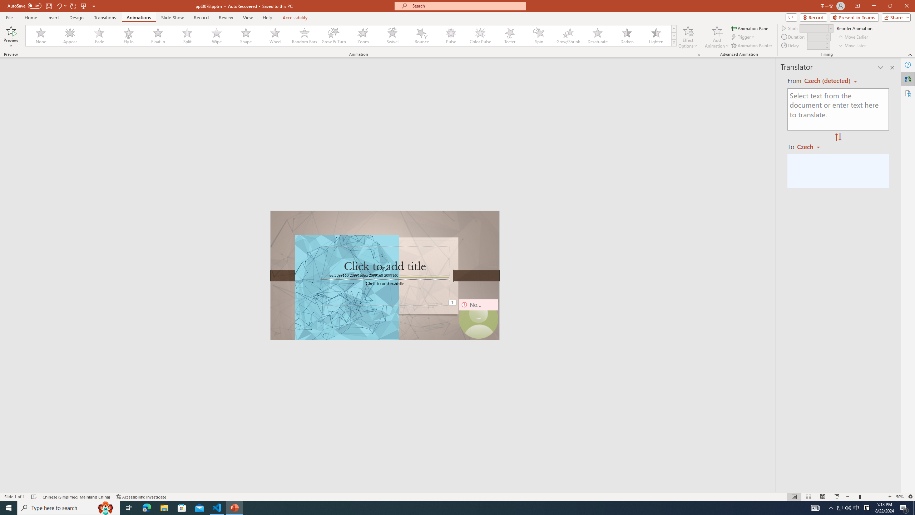  What do you see at coordinates (811, 146) in the screenshot?
I see `'Czech'` at bounding box center [811, 146].